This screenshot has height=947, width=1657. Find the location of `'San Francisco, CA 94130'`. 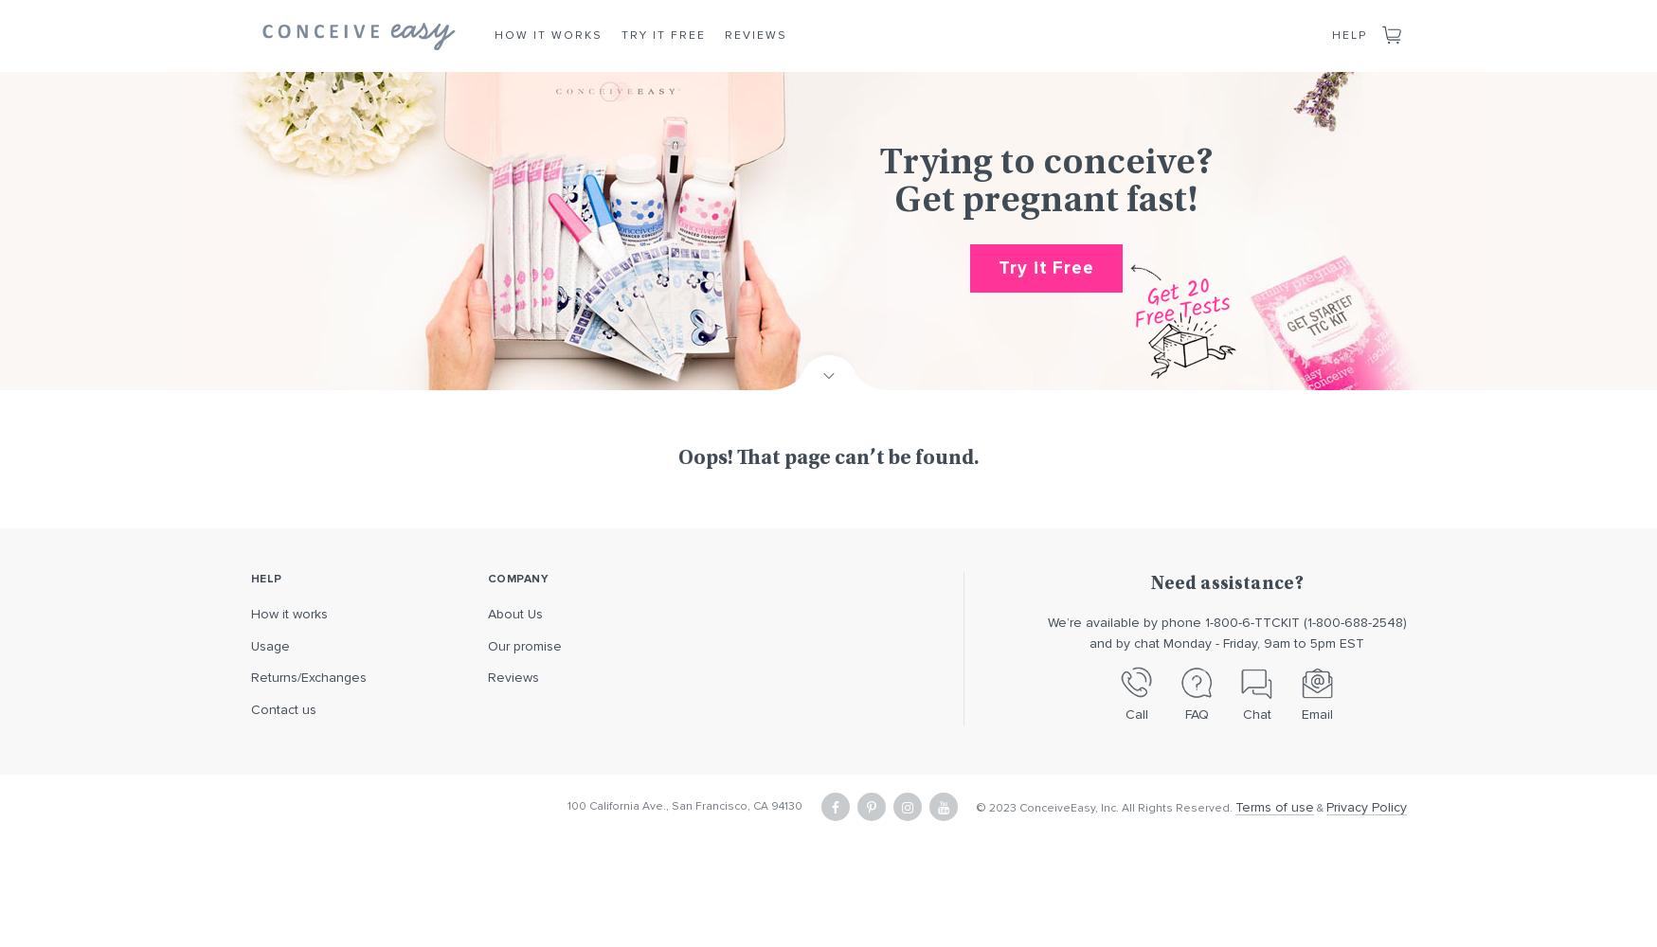

'San Francisco, CA 94130' is located at coordinates (736, 805).